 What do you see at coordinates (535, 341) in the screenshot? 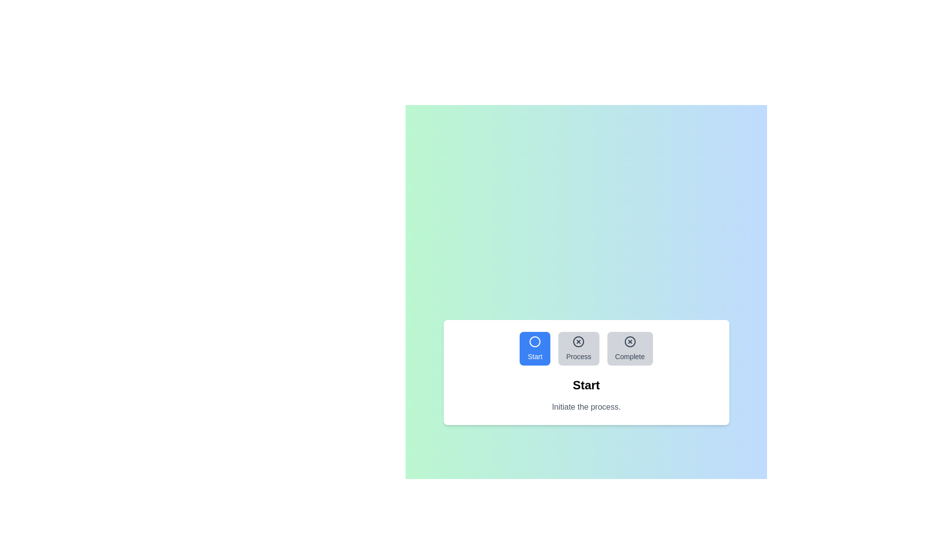
I see `the circular icon located` at bounding box center [535, 341].